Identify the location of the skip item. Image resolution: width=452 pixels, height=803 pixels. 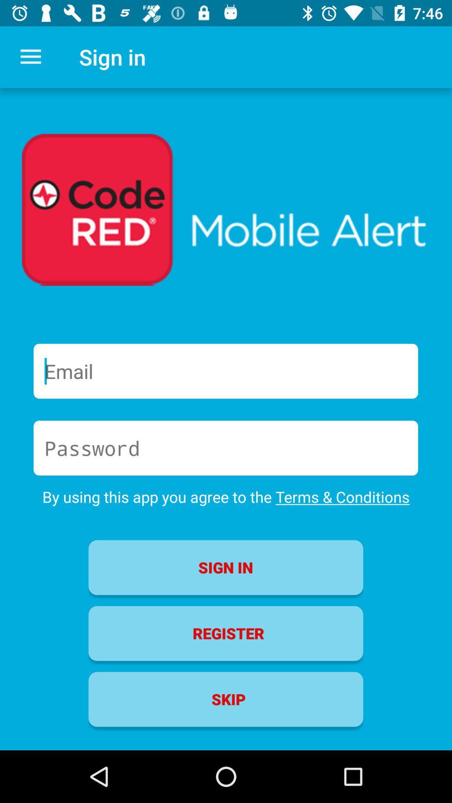
(225, 699).